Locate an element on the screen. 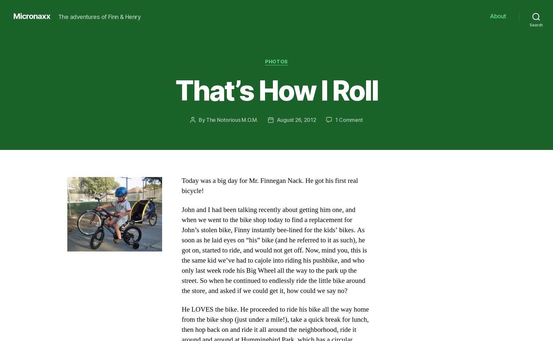 This screenshot has height=341, width=553. 'September 2010' is located at coordinates (107, 276).